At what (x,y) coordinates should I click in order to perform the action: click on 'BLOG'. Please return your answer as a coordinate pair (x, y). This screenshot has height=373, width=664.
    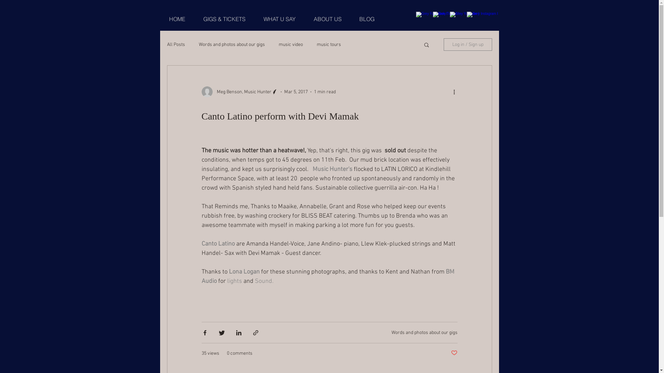
    Looking at the image, I should click on (367, 19).